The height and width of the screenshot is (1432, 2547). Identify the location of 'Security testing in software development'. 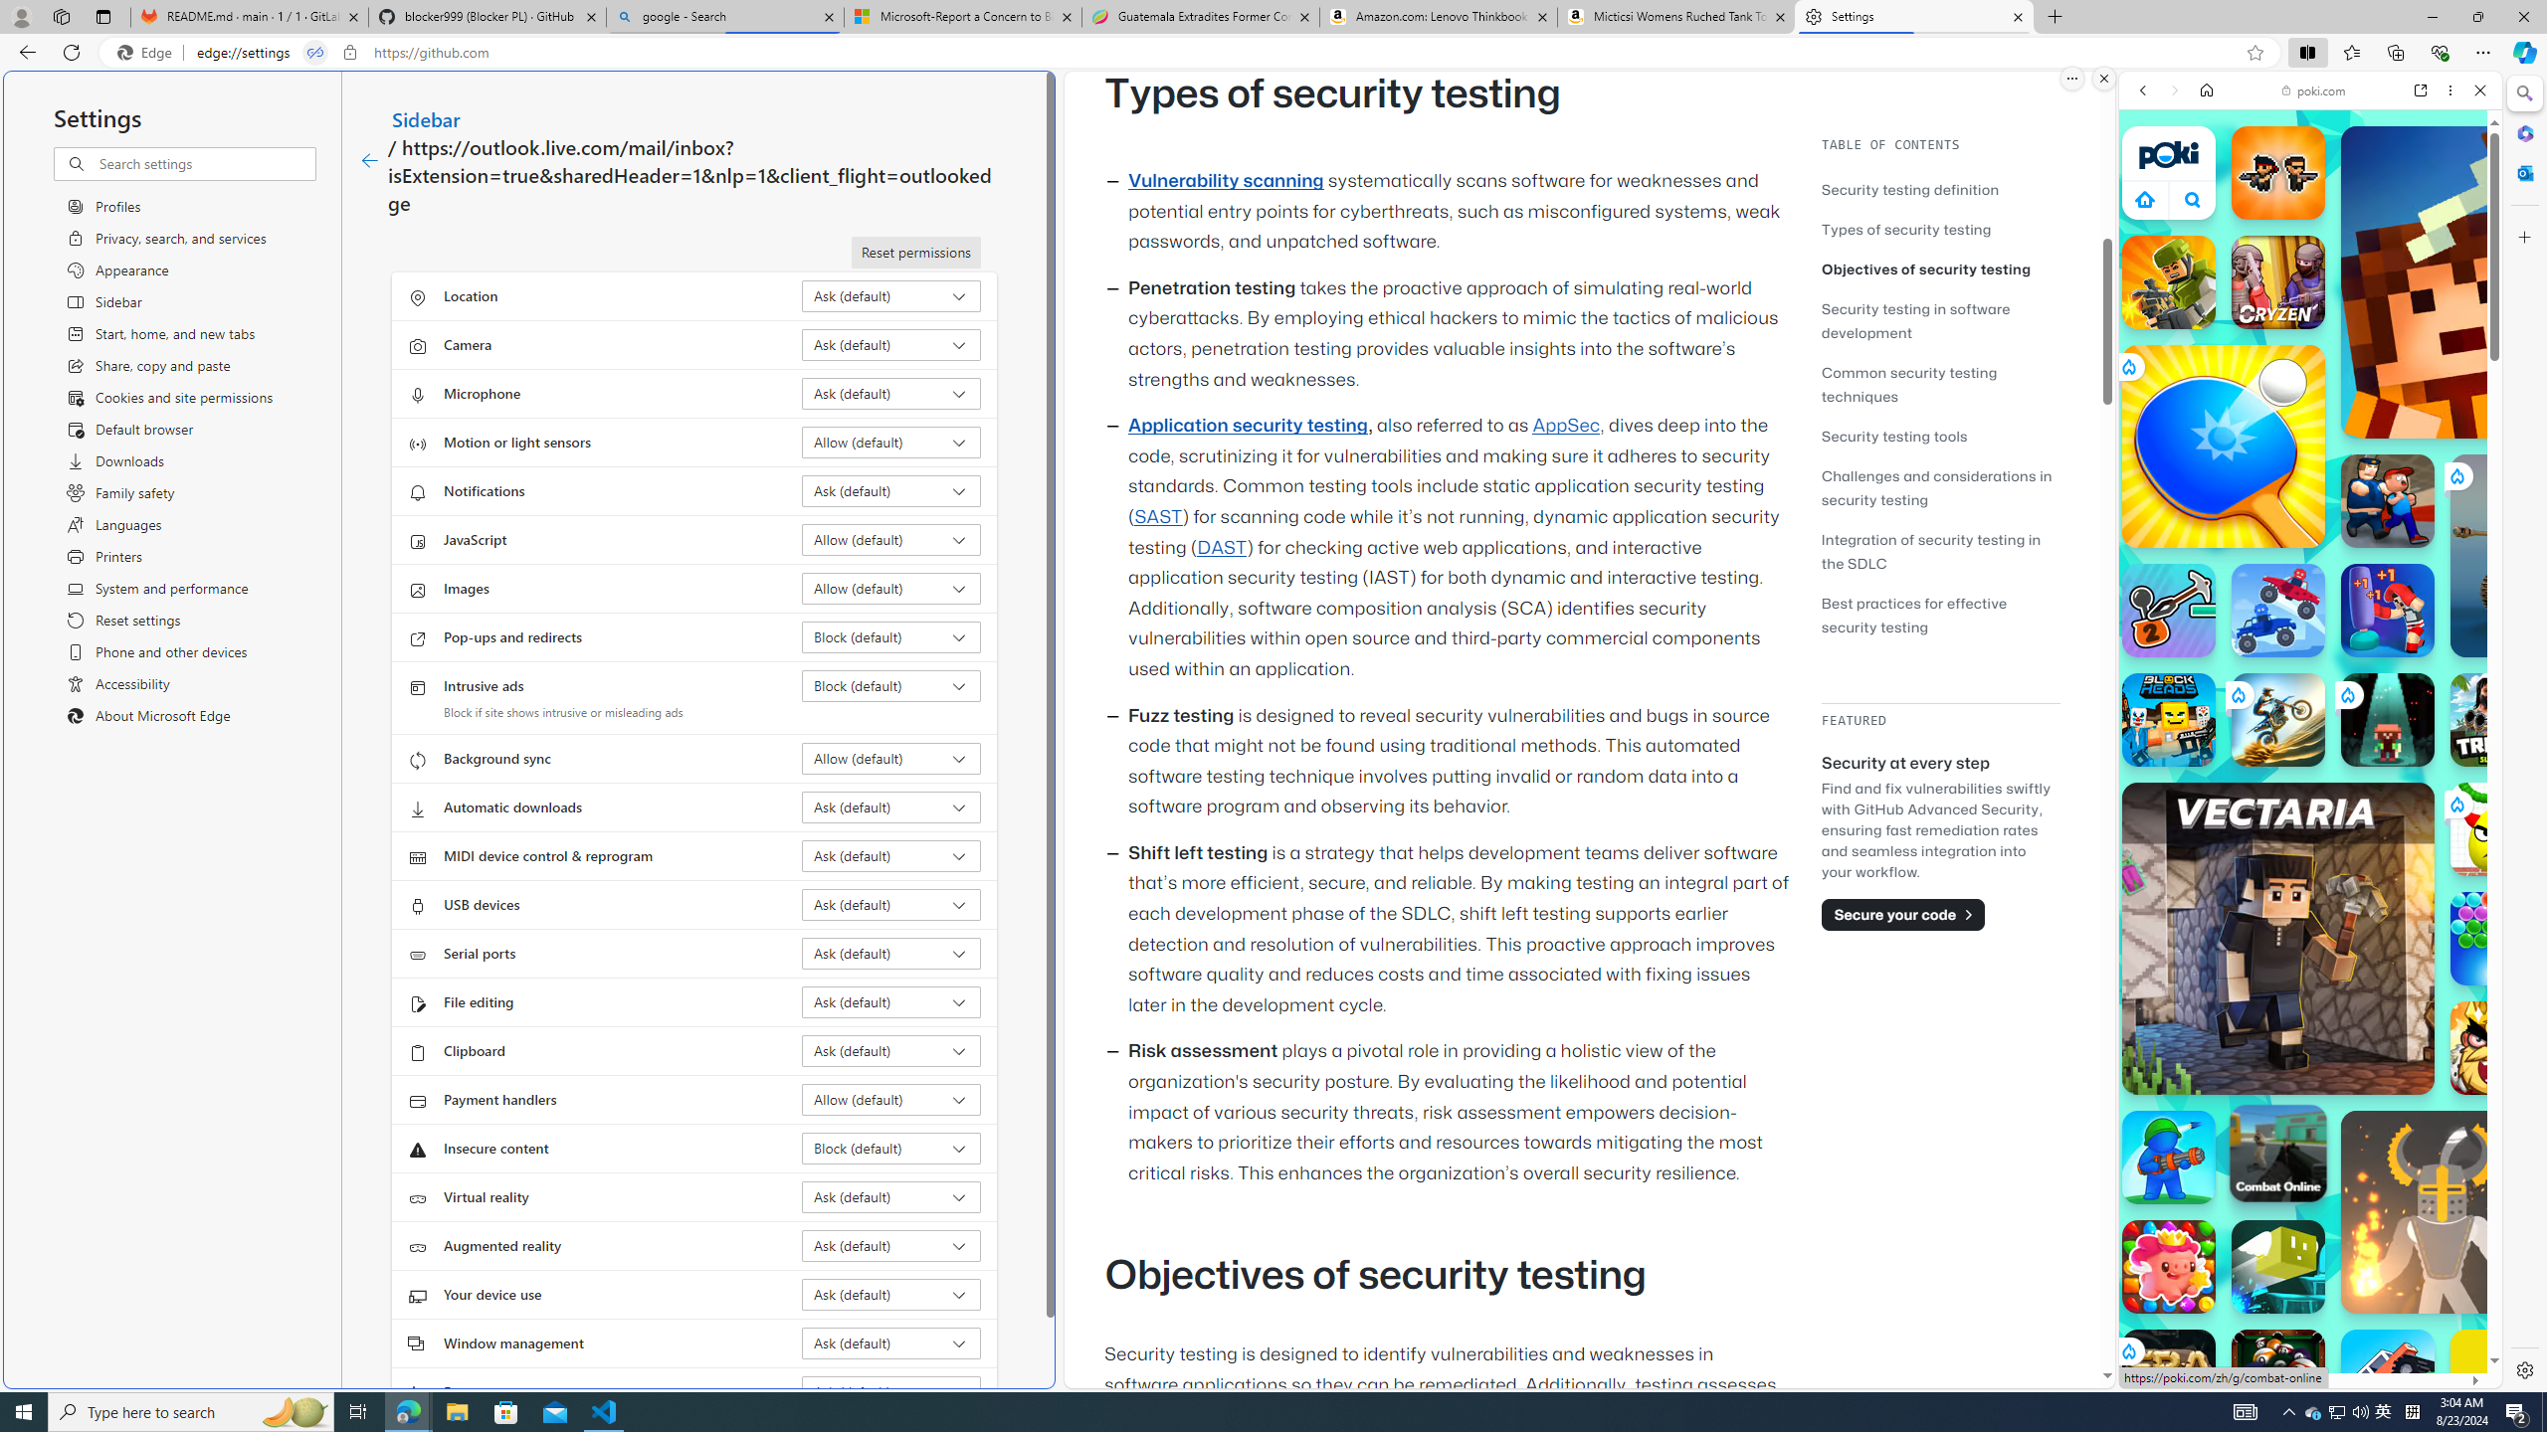
(1914, 319).